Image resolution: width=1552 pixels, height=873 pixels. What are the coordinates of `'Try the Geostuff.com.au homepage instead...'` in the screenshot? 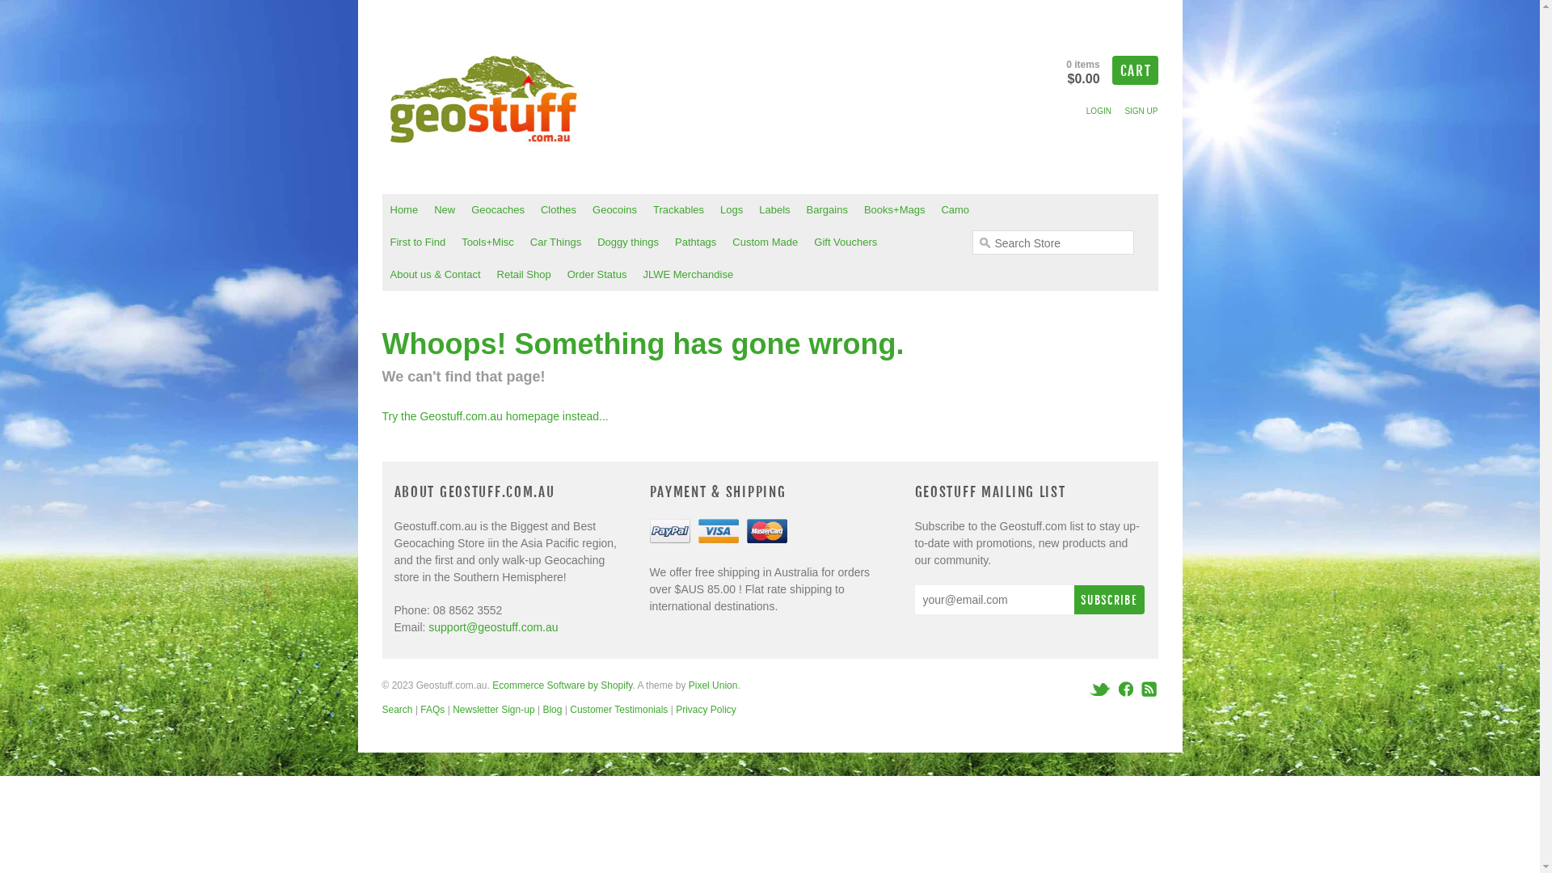 It's located at (380, 415).